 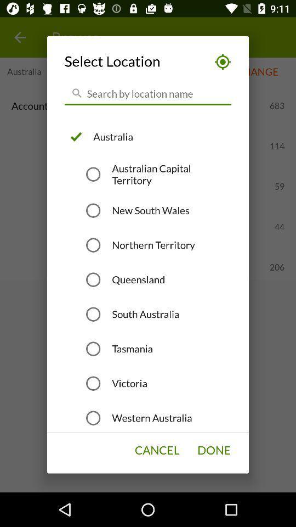 I want to click on item to the right of select location item, so click(x=219, y=61).